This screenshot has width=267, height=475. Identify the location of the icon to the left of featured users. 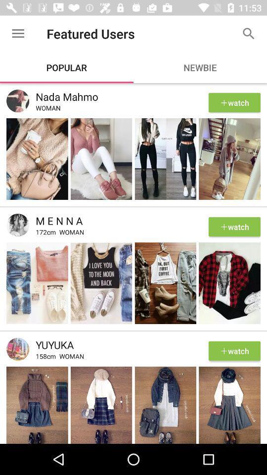
(18, 34).